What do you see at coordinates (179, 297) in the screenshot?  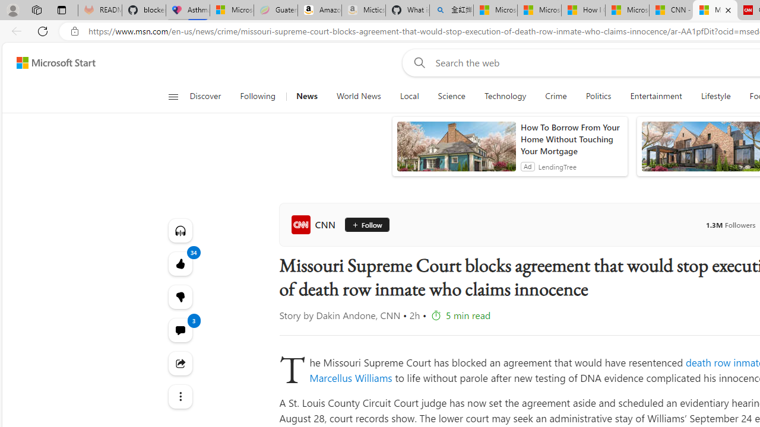 I see `'Dislike'` at bounding box center [179, 297].